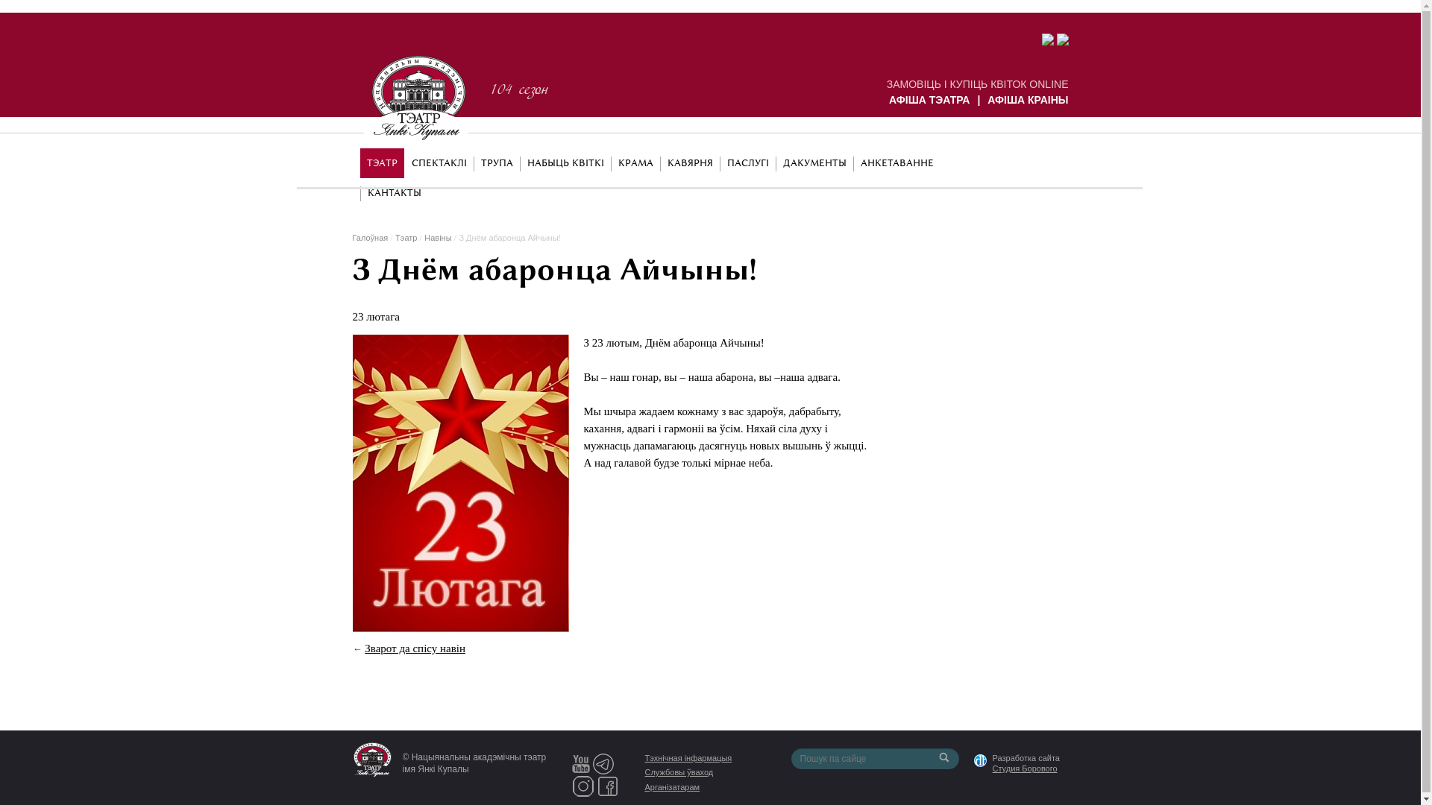 The image size is (1432, 805). Describe the element at coordinates (603, 762) in the screenshot. I see `'telegramm'` at that location.